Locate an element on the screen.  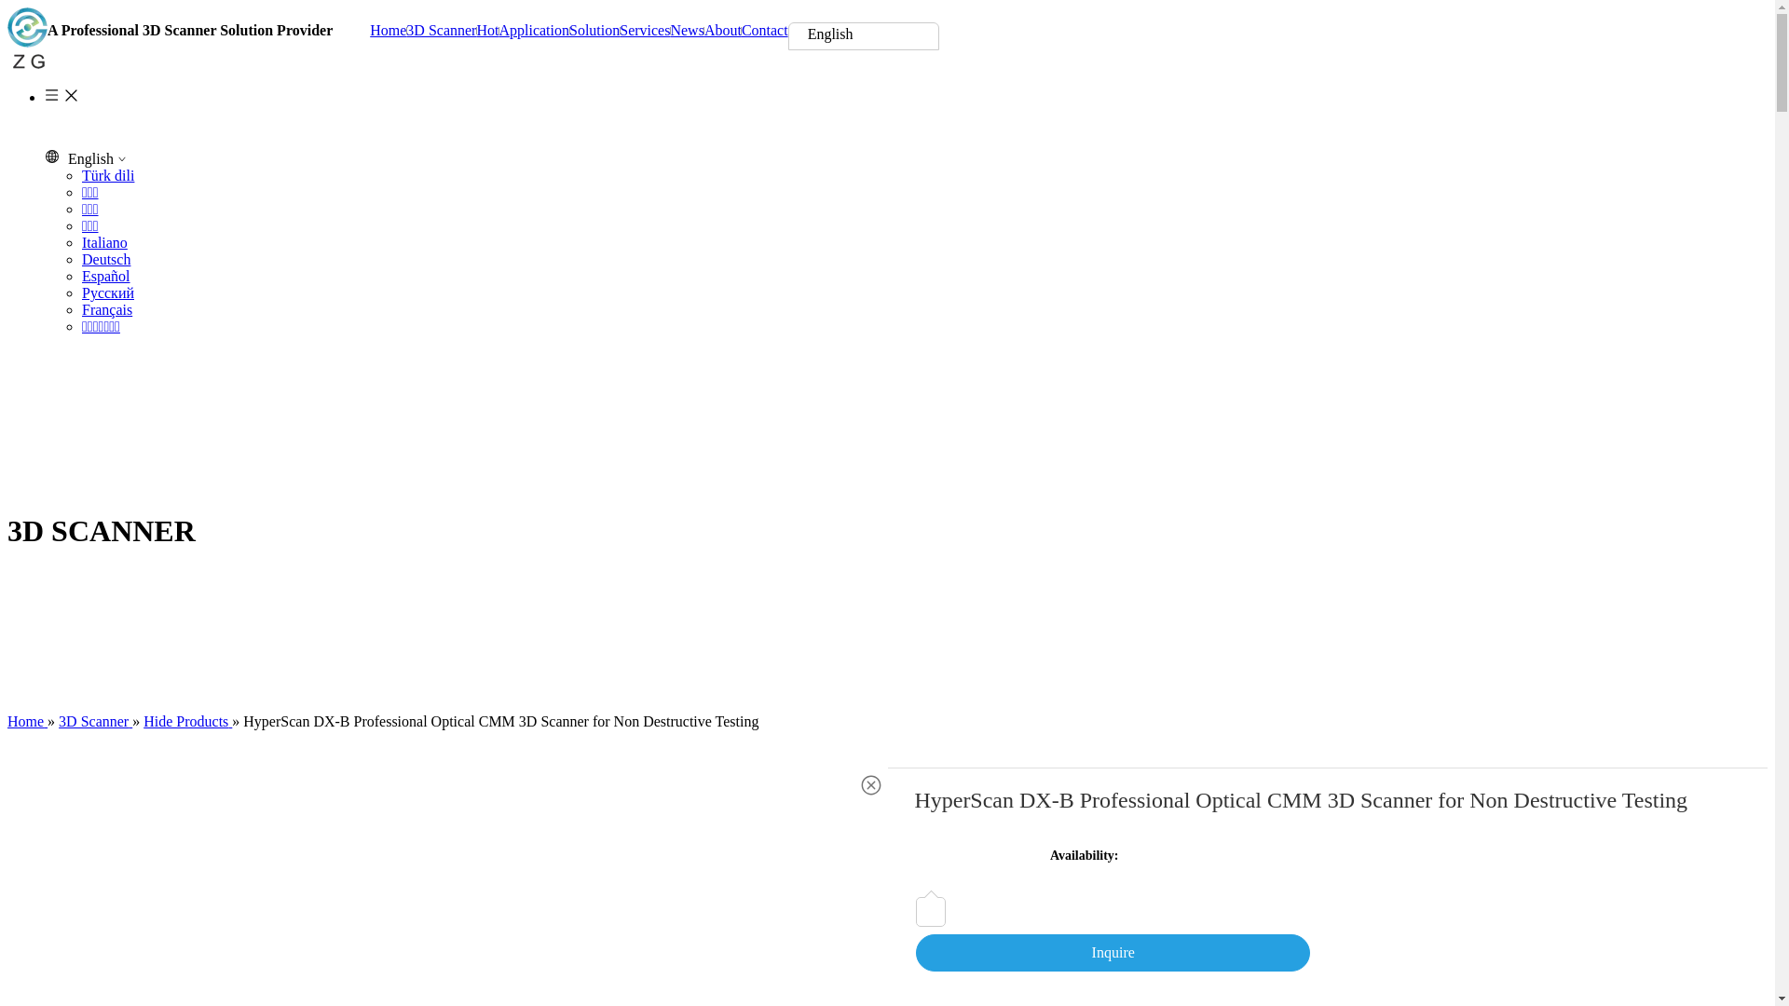
'News' is located at coordinates (686, 31).